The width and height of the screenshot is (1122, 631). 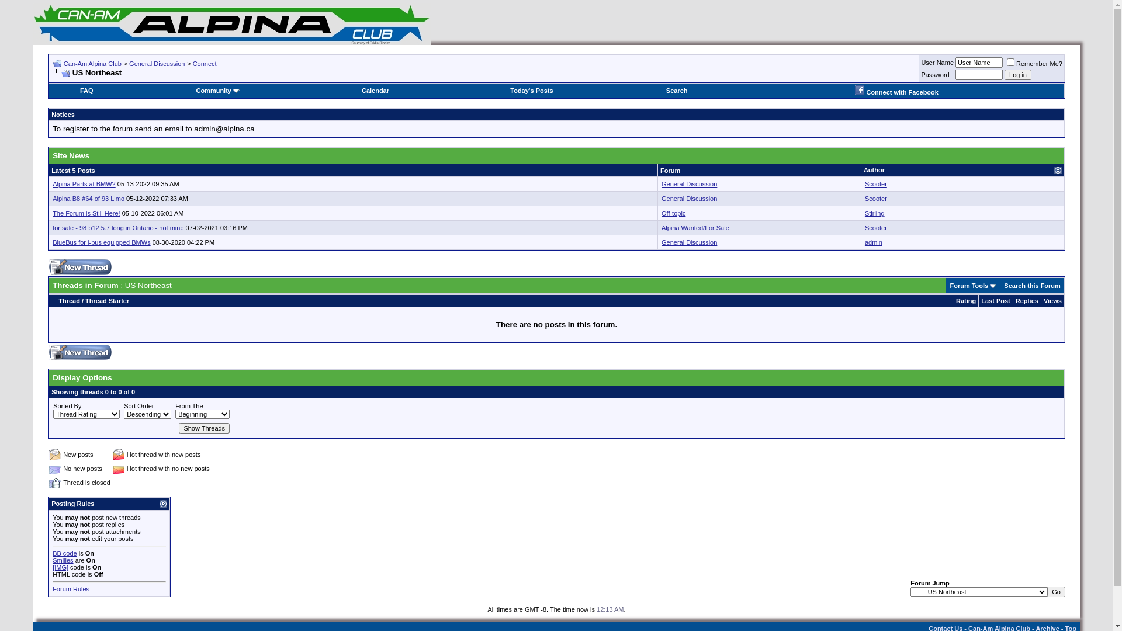 What do you see at coordinates (666, 89) in the screenshot?
I see `'Search'` at bounding box center [666, 89].